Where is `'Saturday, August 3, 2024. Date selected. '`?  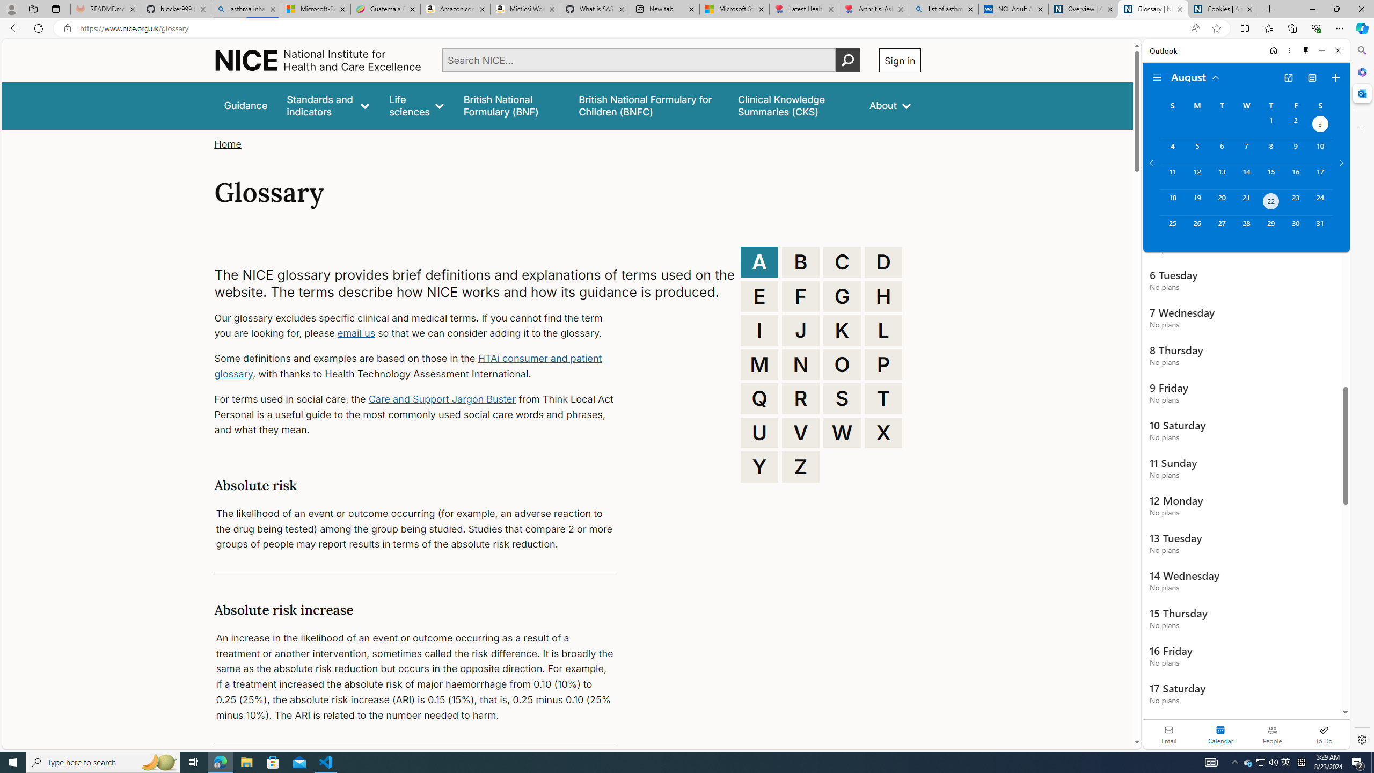 'Saturday, August 3, 2024. Date selected. ' is located at coordinates (1320, 125).